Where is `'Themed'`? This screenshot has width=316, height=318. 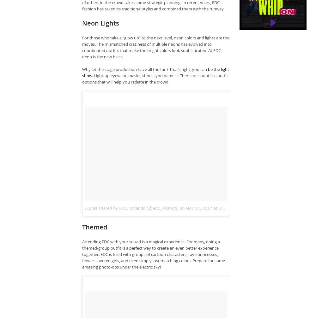 'Themed' is located at coordinates (94, 227).